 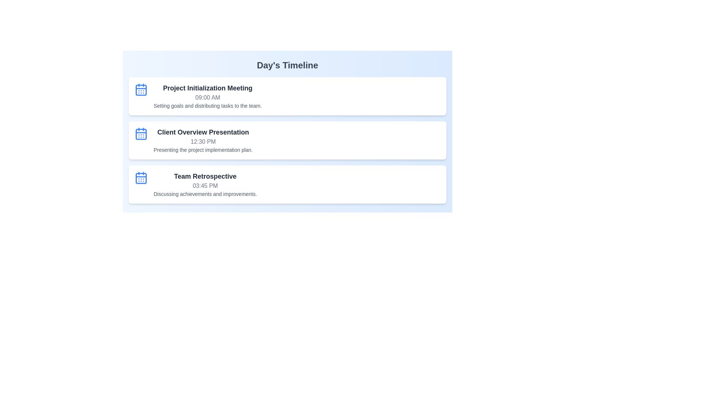 I want to click on the blue calendar icon located at the top-left corner of the card describing the 'Client Overview Presentation' event, so click(x=141, y=133).